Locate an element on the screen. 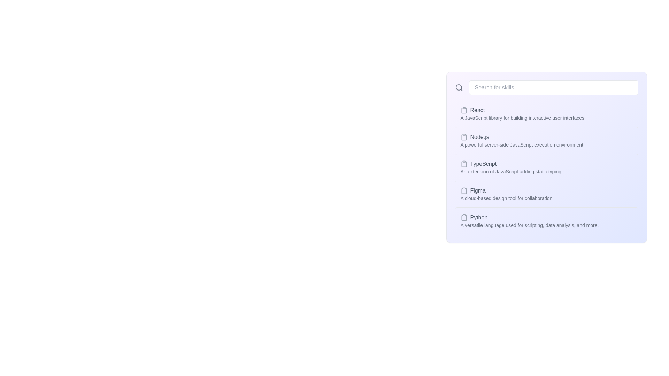  the lower section of the icon graphic that marks the entry in the 'Python' list on the right pane of the interface is located at coordinates (464, 217).